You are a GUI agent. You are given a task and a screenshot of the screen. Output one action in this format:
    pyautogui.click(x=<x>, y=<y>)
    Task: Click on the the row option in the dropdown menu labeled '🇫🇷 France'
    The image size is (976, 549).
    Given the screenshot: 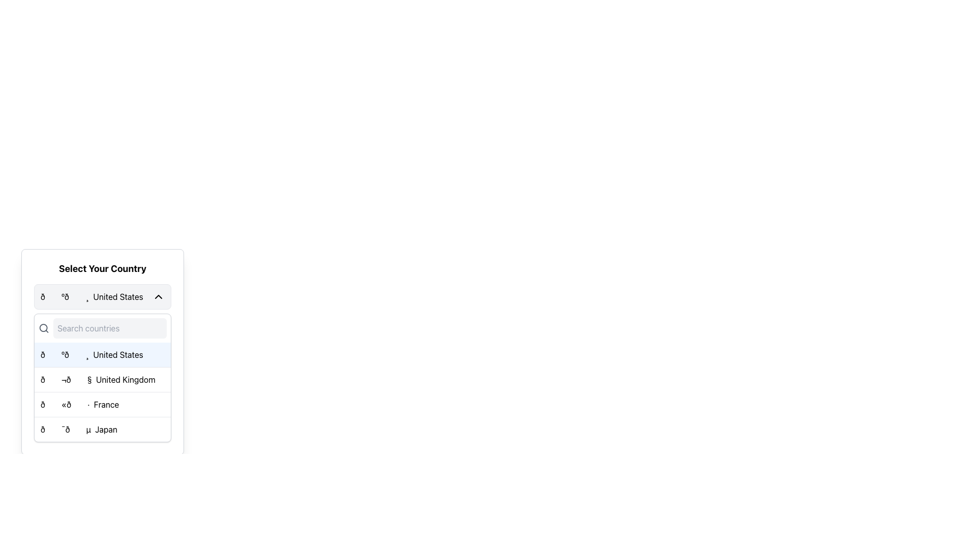 What is the action you would take?
    pyautogui.click(x=102, y=404)
    